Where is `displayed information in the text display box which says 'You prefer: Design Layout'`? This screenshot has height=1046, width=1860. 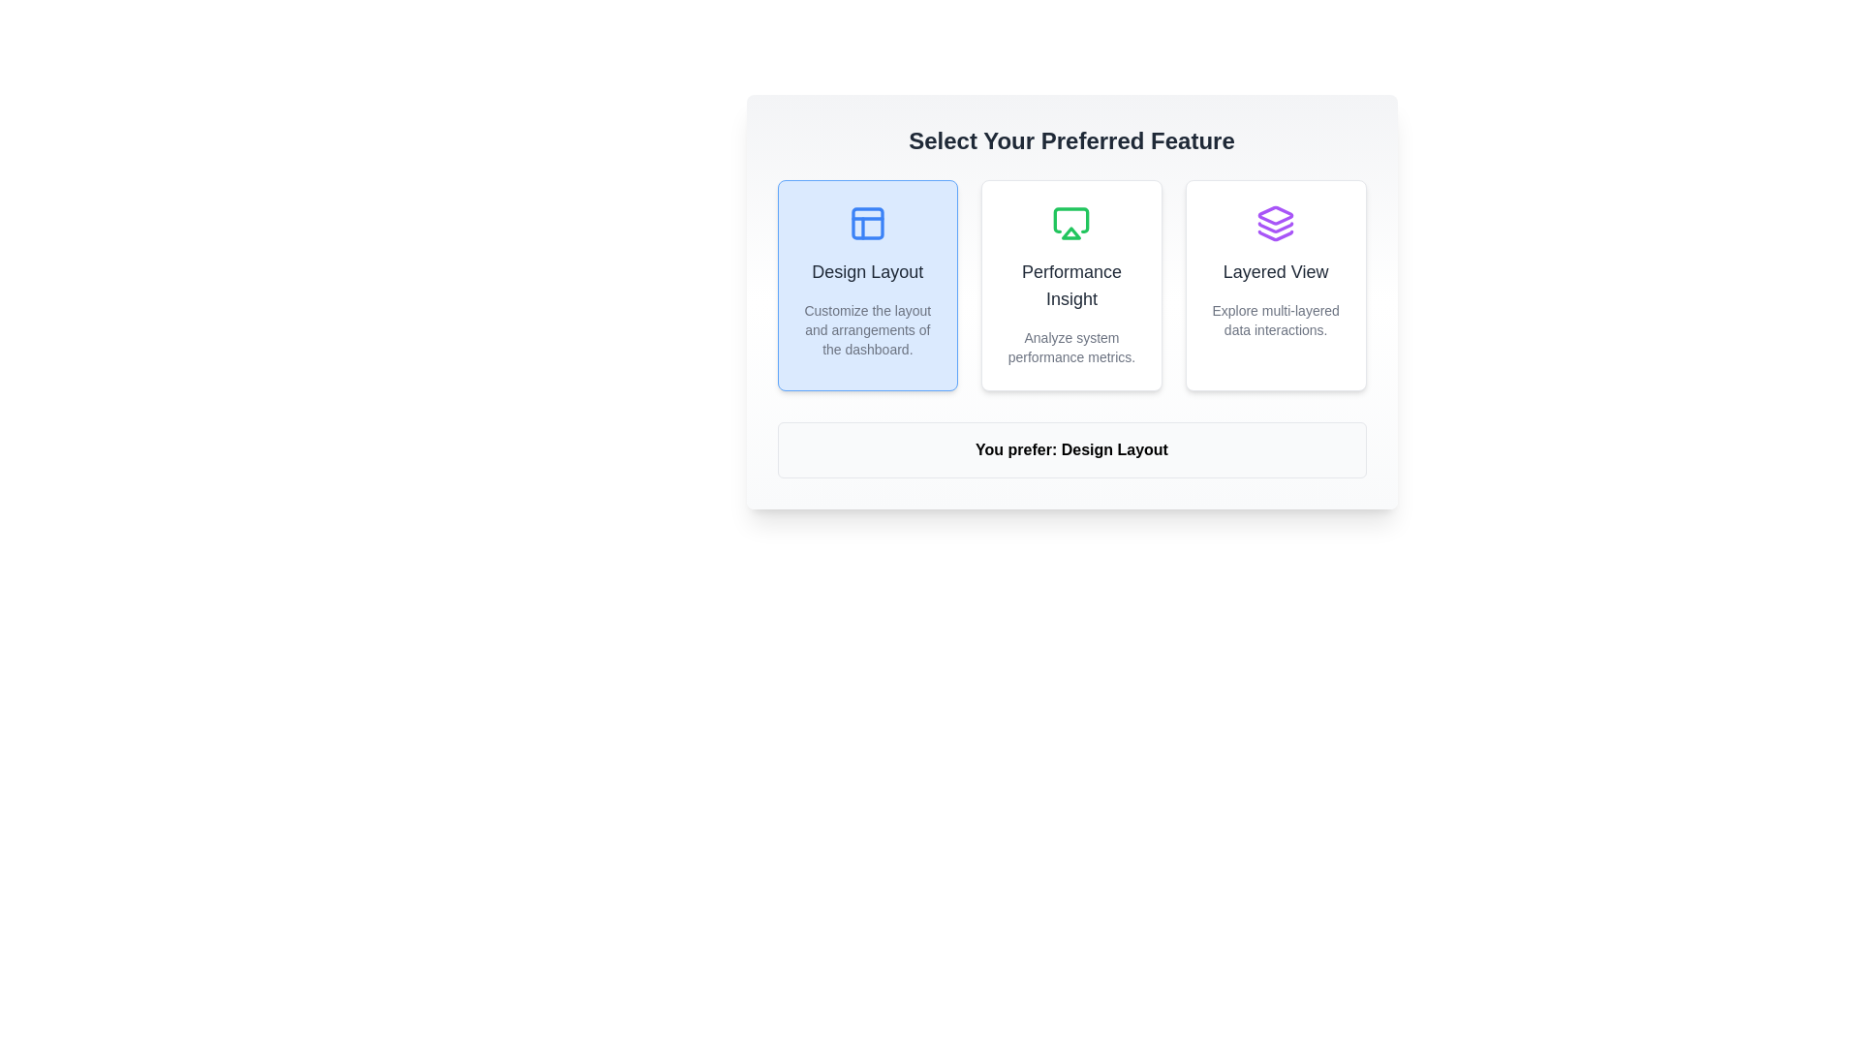 displayed information in the text display box which says 'You prefer: Design Layout' is located at coordinates (1070, 450).